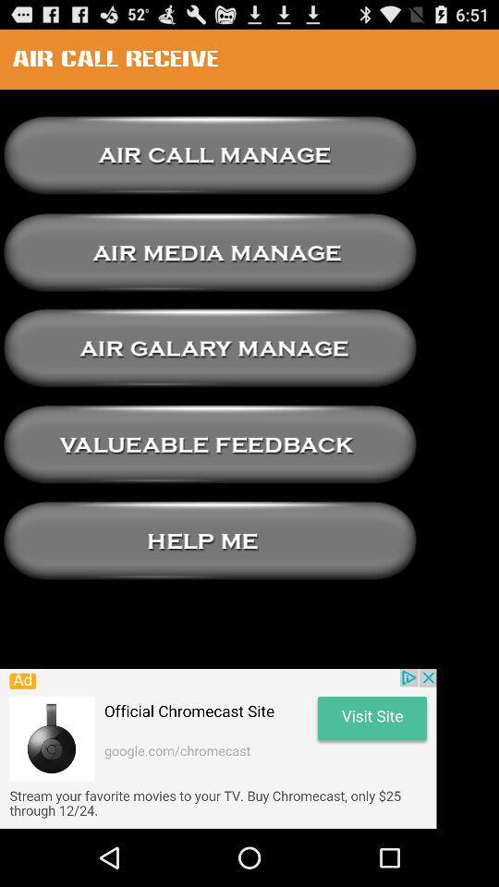 This screenshot has width=499, height=887. What do you see at coordinates (217, 748) in the screenshot?
I see `advertisement` at bounding box center [217, 748].